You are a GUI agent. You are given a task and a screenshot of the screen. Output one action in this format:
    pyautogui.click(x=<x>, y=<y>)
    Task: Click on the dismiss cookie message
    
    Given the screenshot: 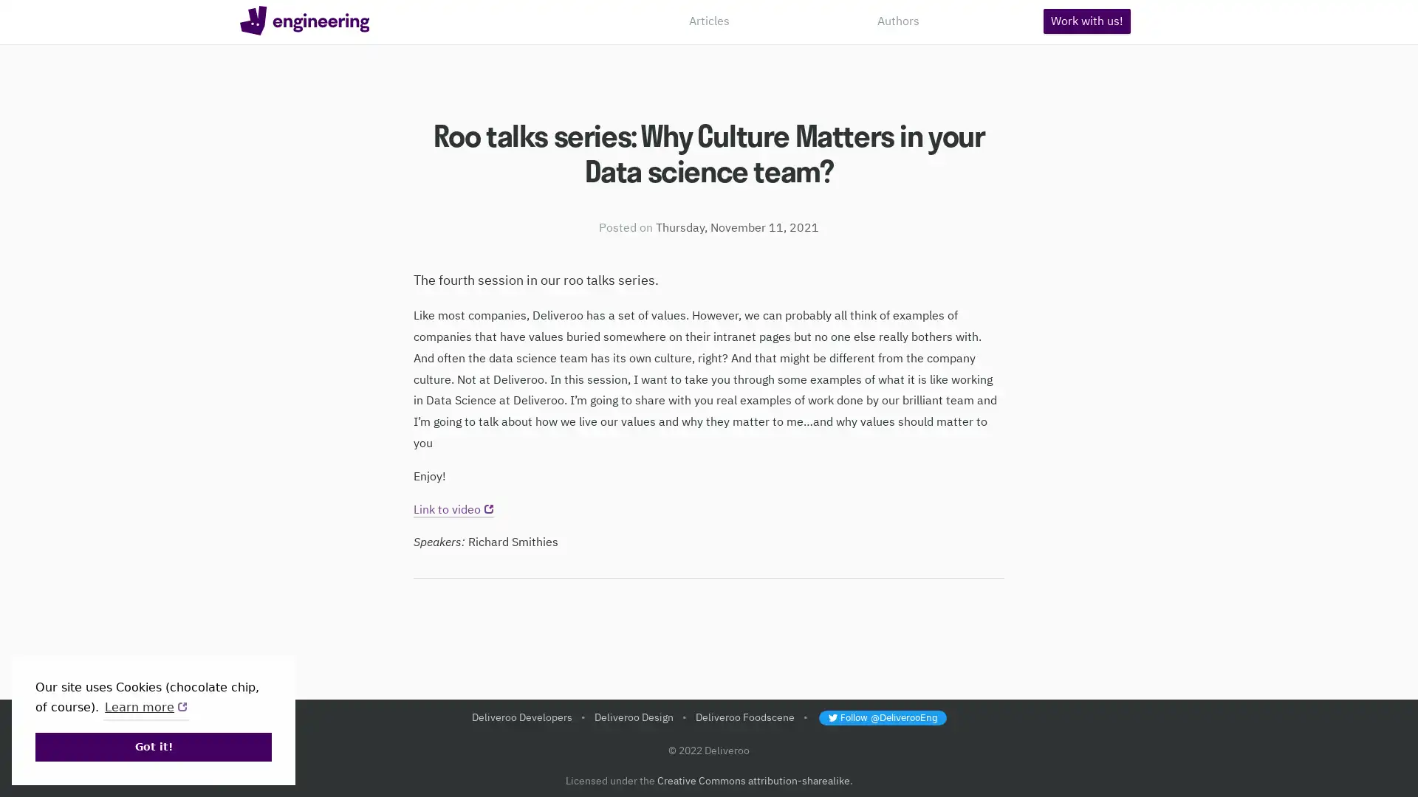 What is the action you would take?
    pyautogui.click(x=153, y=746)
    